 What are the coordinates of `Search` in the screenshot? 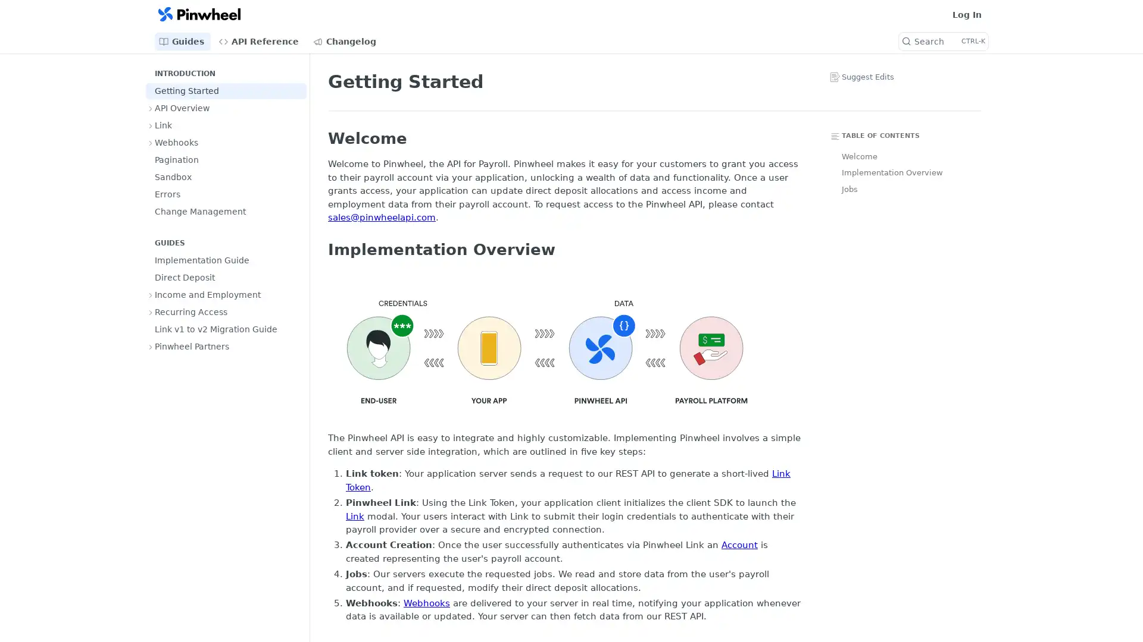 It's located at (942, 40).